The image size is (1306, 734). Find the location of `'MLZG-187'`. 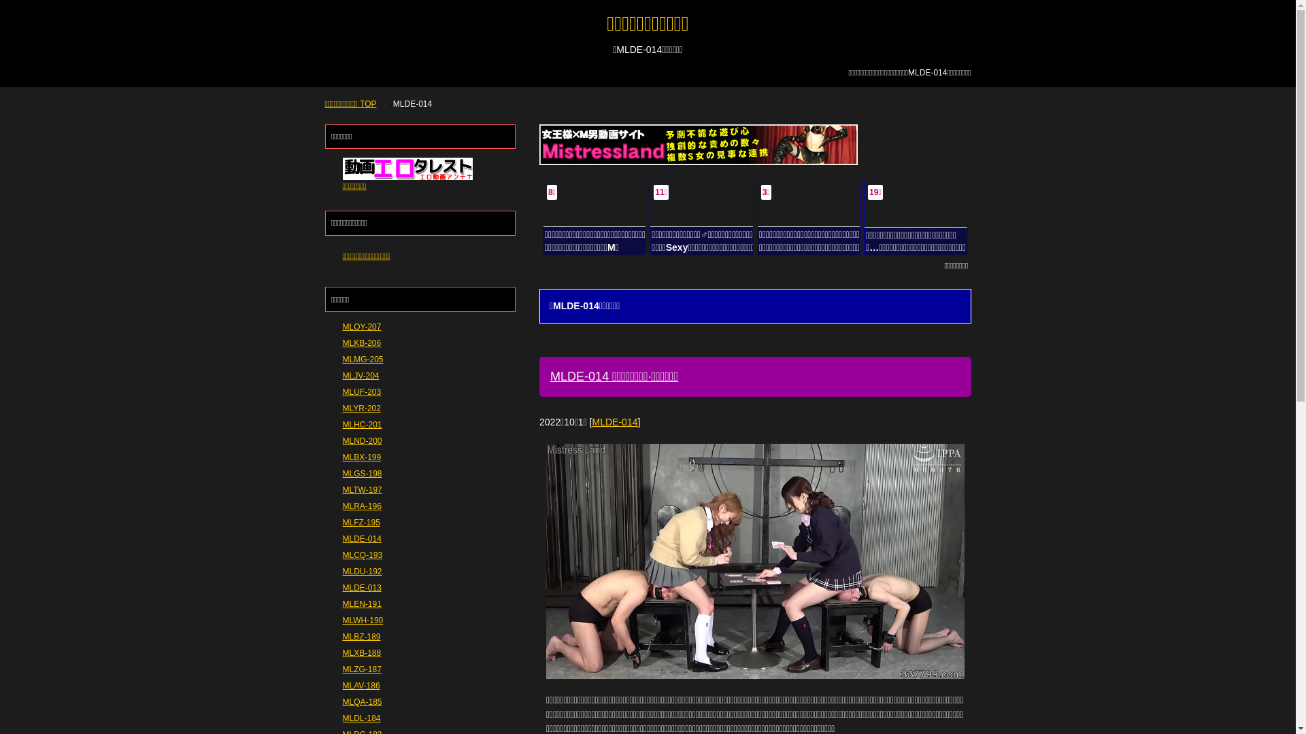

'MLZG-187' is located at coordinates (343, 668).